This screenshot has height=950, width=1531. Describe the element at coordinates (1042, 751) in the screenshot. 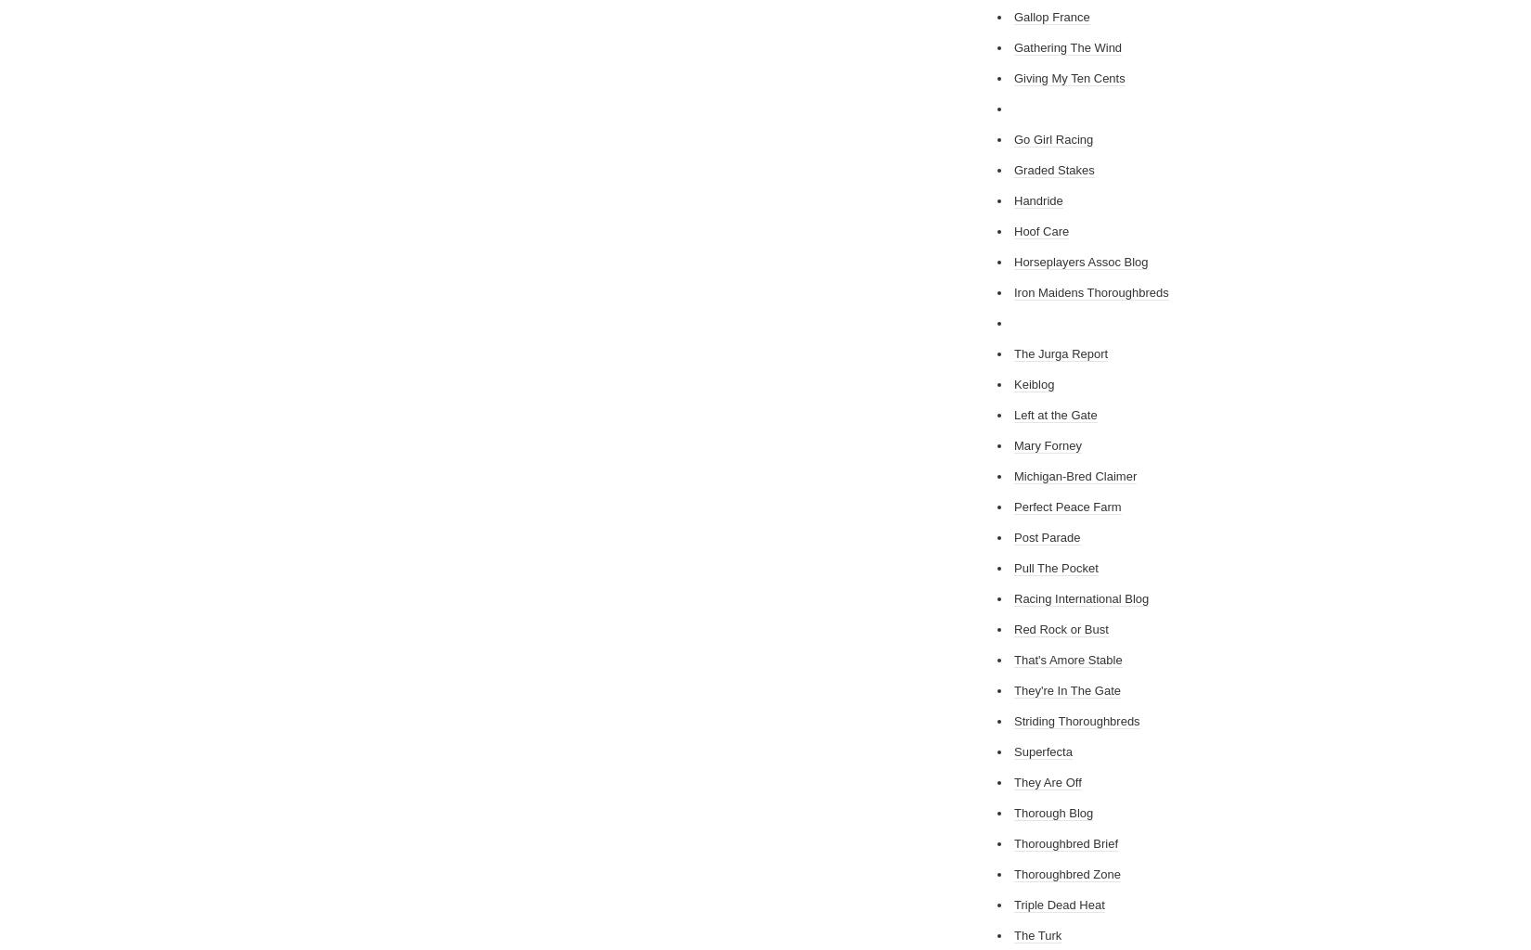

I see `'Superfecta'` at that location.